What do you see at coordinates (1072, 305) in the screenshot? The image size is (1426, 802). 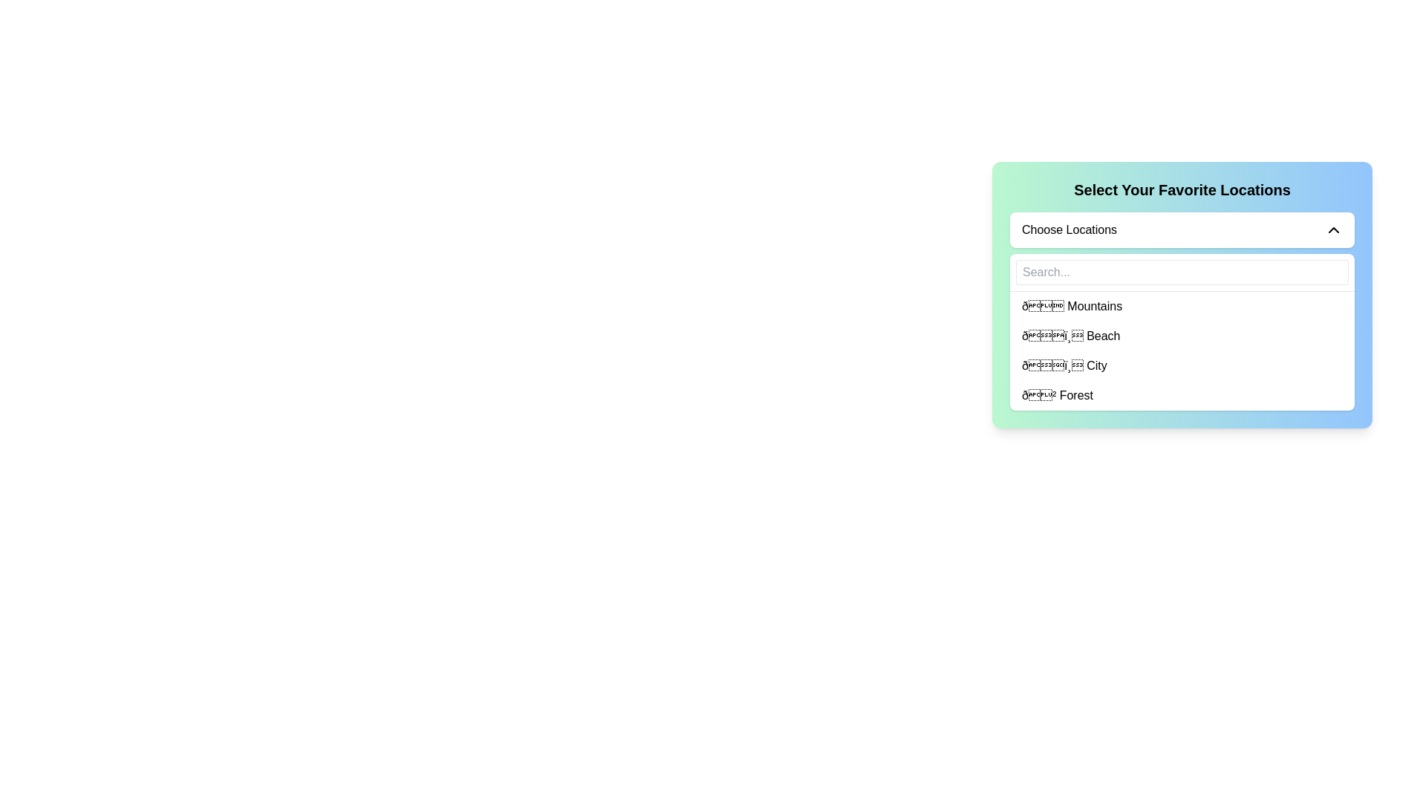 I see `to select the first option in the dropdown menu titled 'Select Your Favorite Locations', which contains a mountain emoji and the word 'Mountains' in bold` at bounding box center [1072, 305].